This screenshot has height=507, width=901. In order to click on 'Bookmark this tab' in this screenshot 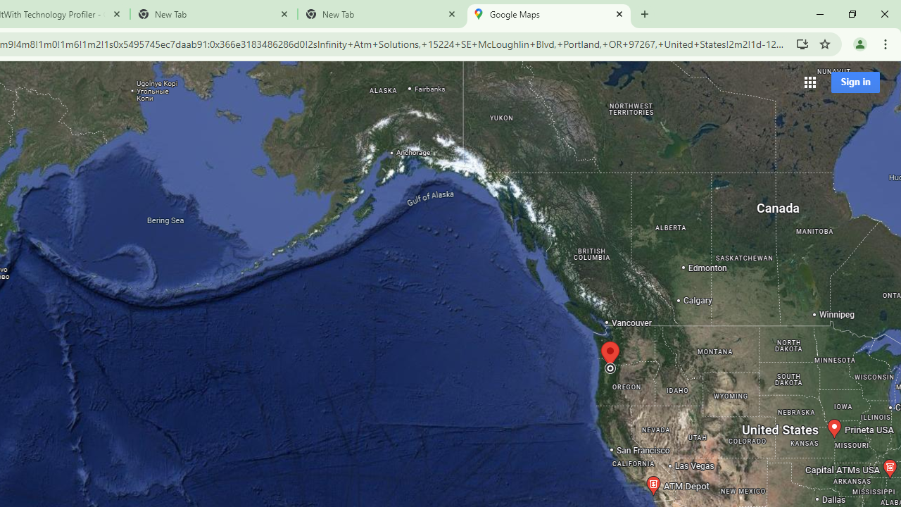, I will do `click(824, 43)`.